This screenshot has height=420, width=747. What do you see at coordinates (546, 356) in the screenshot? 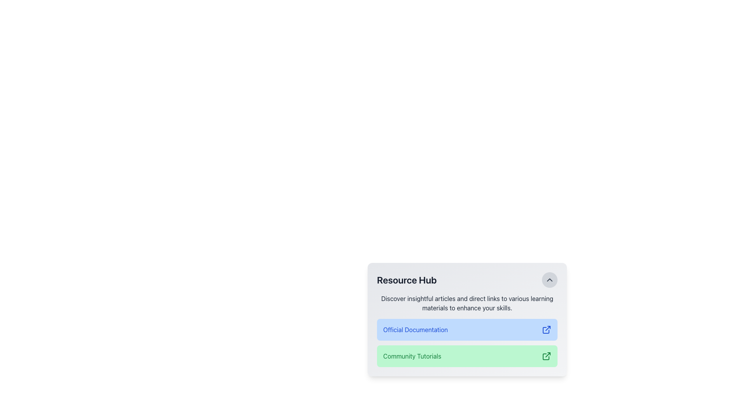
I see `the external link icon located within the 'Community Tutorials' option in the 'Resource Hub' section` at bounding box center [546, 356].